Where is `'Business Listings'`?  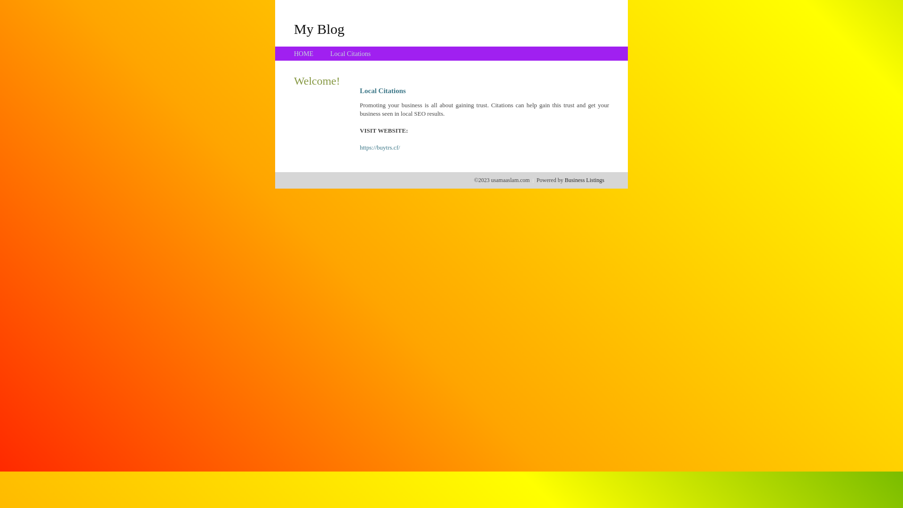
'Business Listings' is located at coordinates (564, 180).